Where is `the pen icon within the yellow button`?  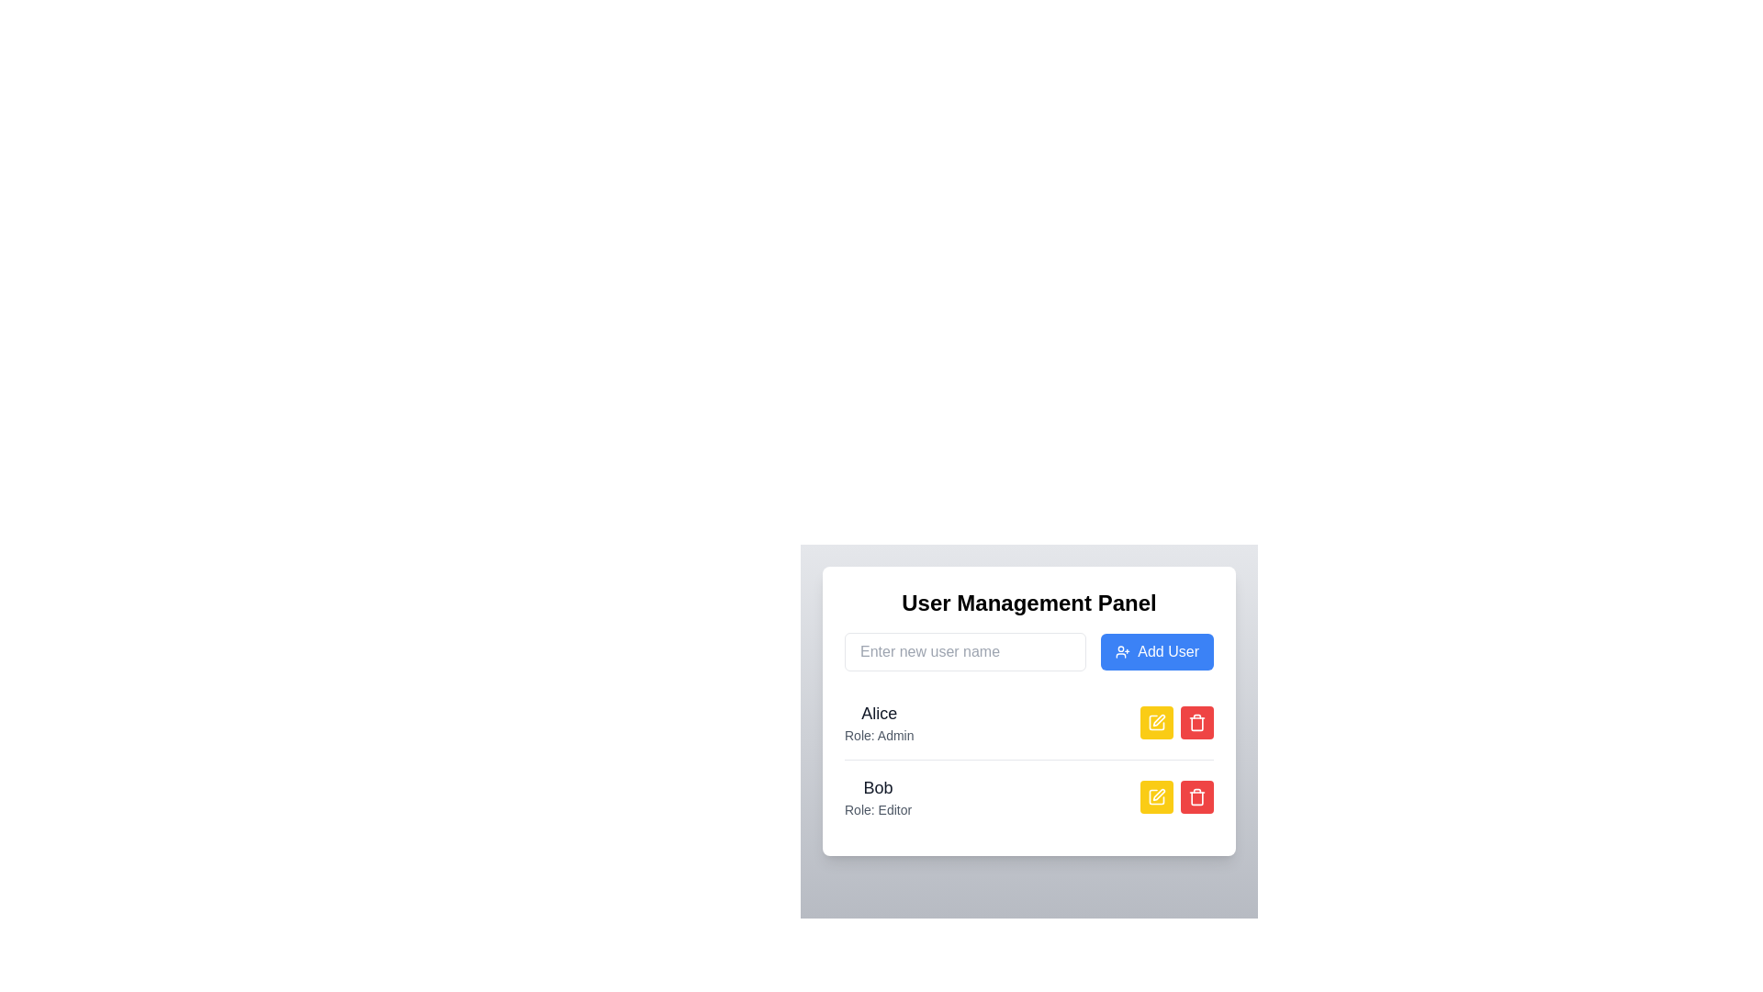 the pen icon within the yellow button is located at coordinates (1158, 794).